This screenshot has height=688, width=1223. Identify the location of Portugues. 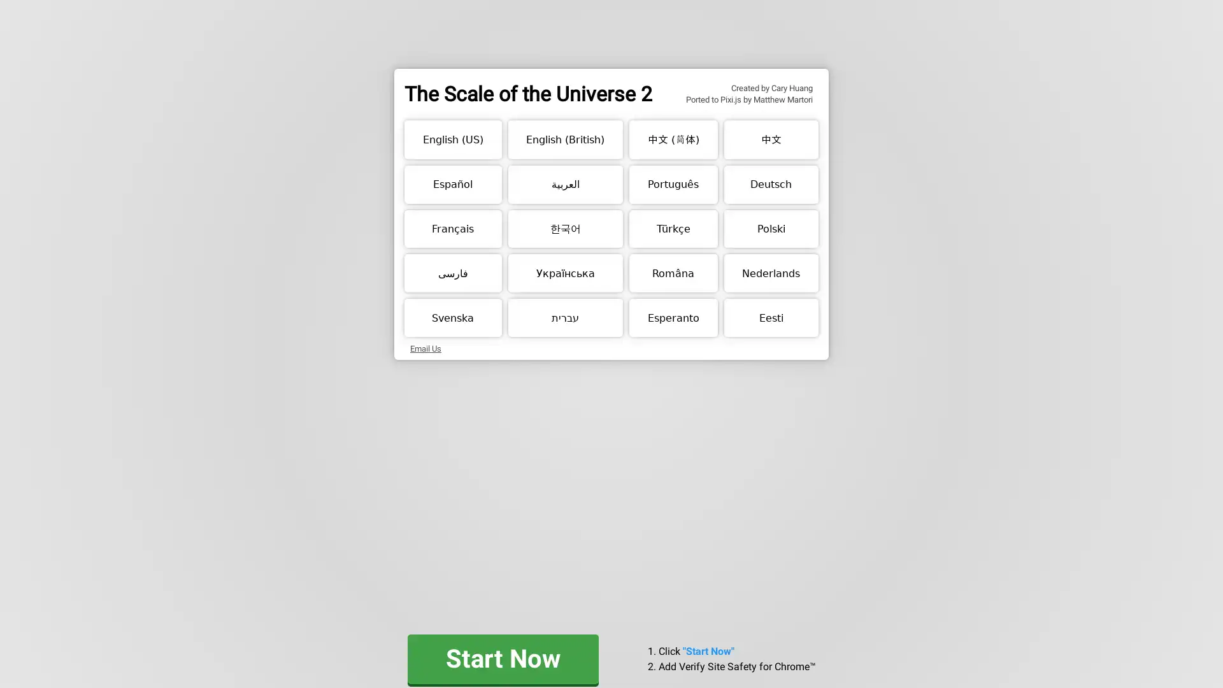
(672, 184).